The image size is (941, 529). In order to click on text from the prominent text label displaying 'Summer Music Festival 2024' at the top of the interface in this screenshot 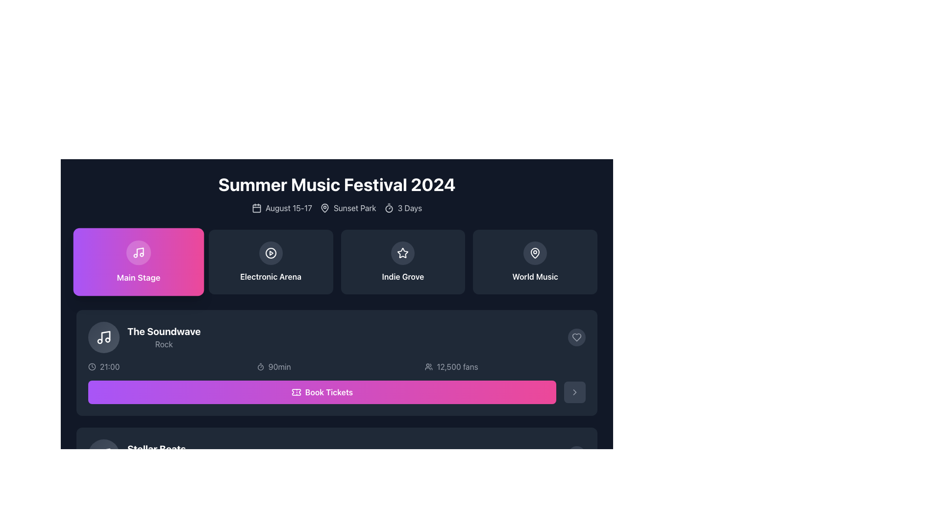, I will do `click(337, 185)`.